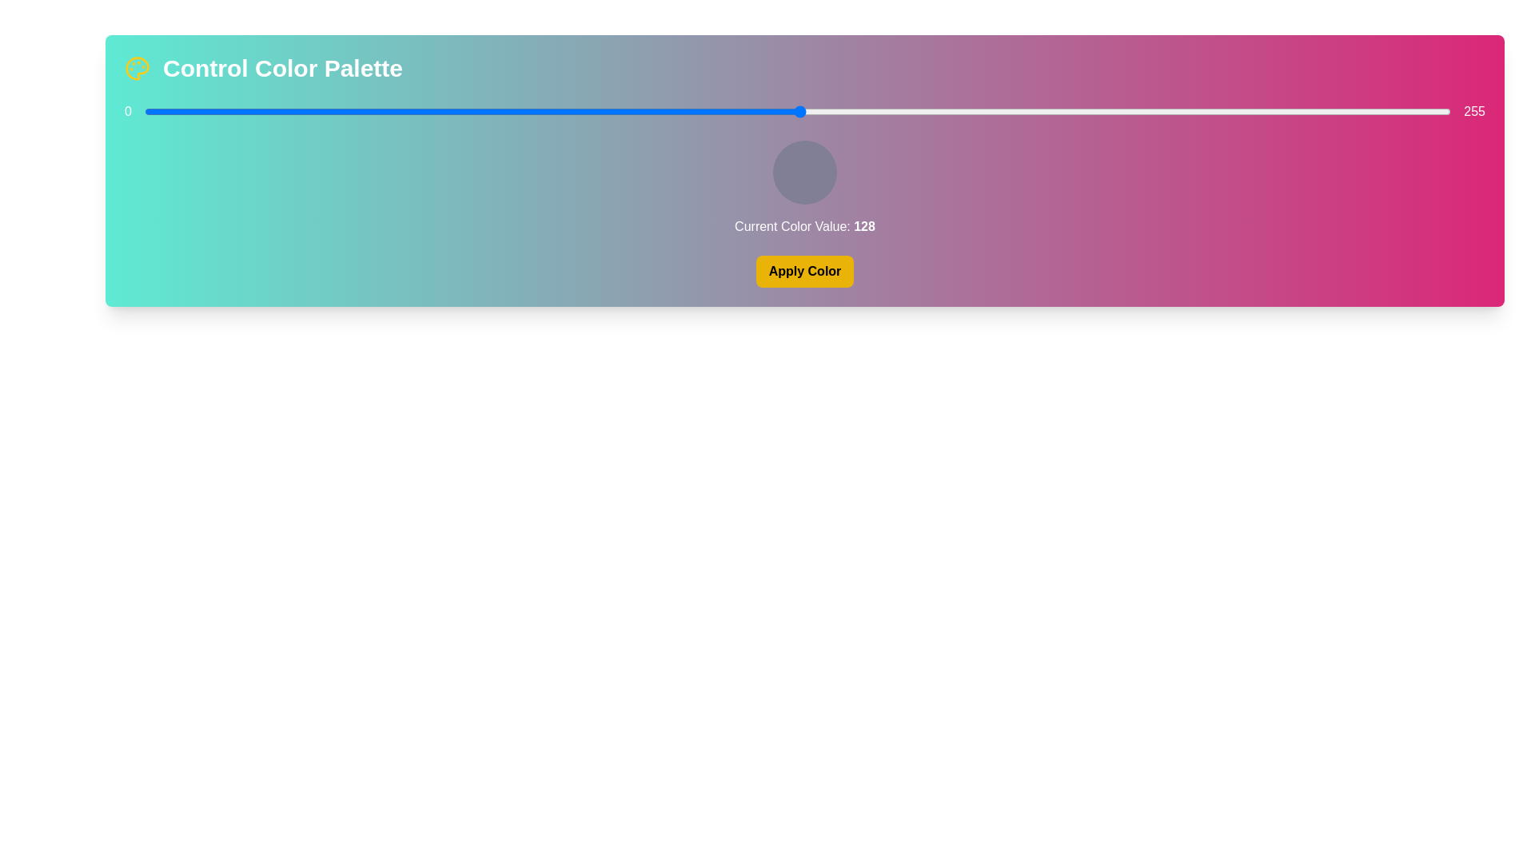 The image size is (1535, 863). I want to click on the color slider to set the color value to 168, so click(1004, 110).